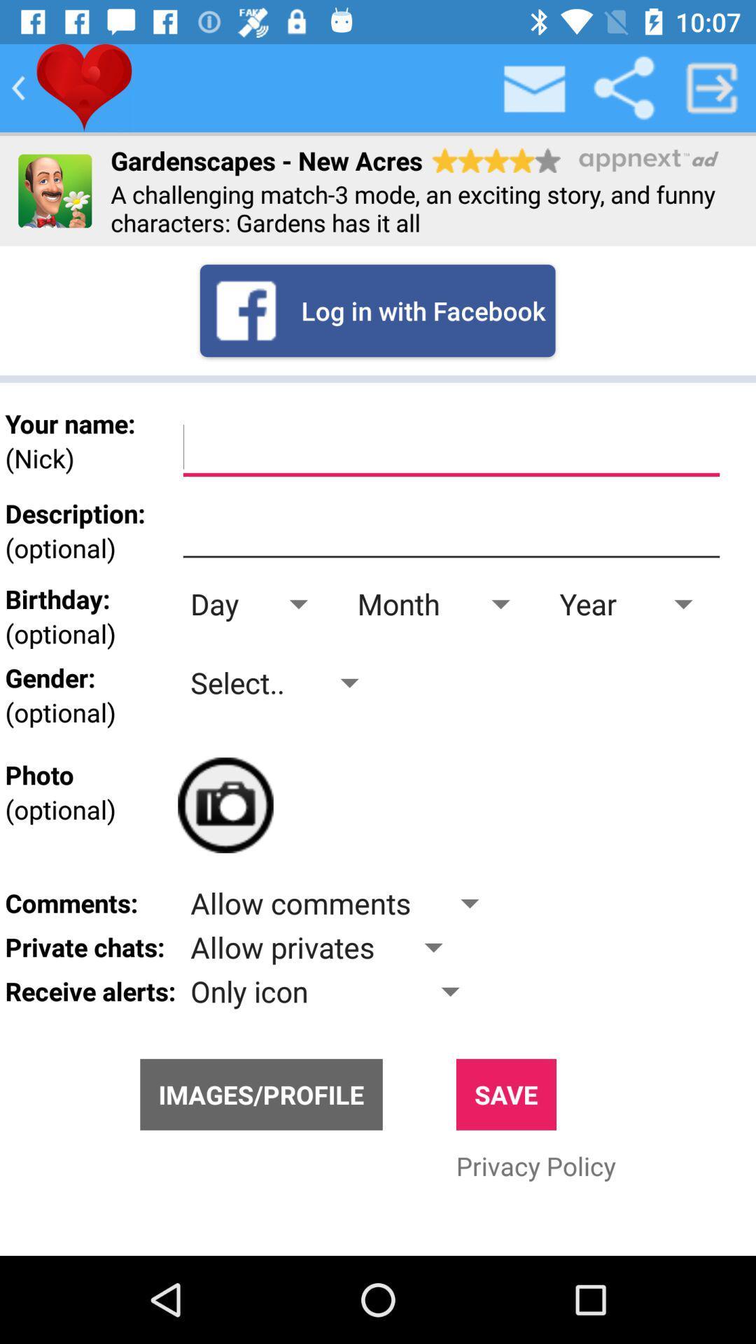 This screenshot has height=1344, width=756. What do you see at coordinates (84, 87) in the screenshot?
I see `the favorite icon` at bounding box center [84, 87].